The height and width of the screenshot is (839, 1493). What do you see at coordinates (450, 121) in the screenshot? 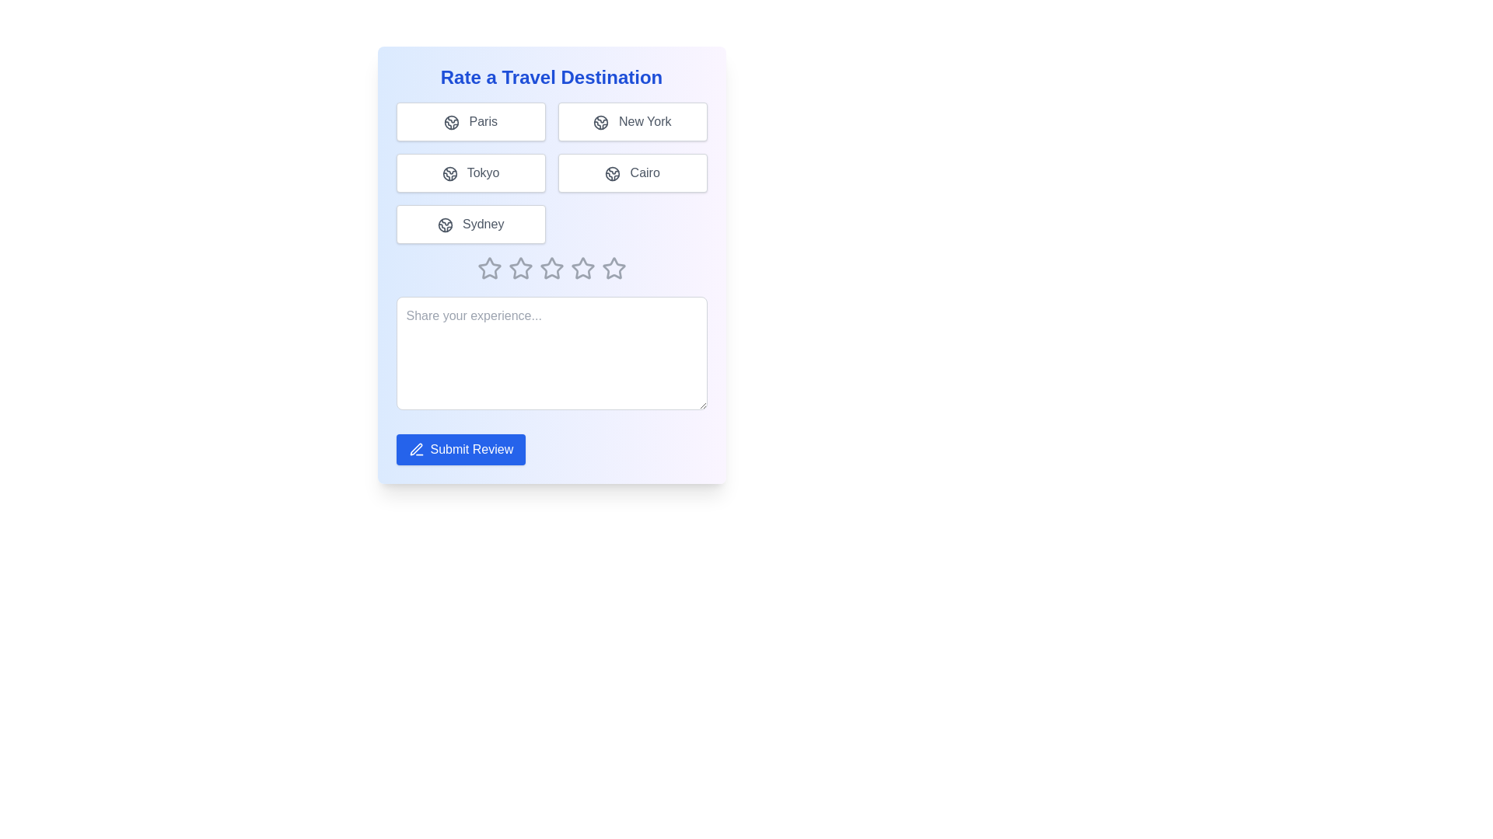
I see `the globe icon located within the 'Paris' button in the top-left corner of the destination buttons group` at bounding box center [450, 121].